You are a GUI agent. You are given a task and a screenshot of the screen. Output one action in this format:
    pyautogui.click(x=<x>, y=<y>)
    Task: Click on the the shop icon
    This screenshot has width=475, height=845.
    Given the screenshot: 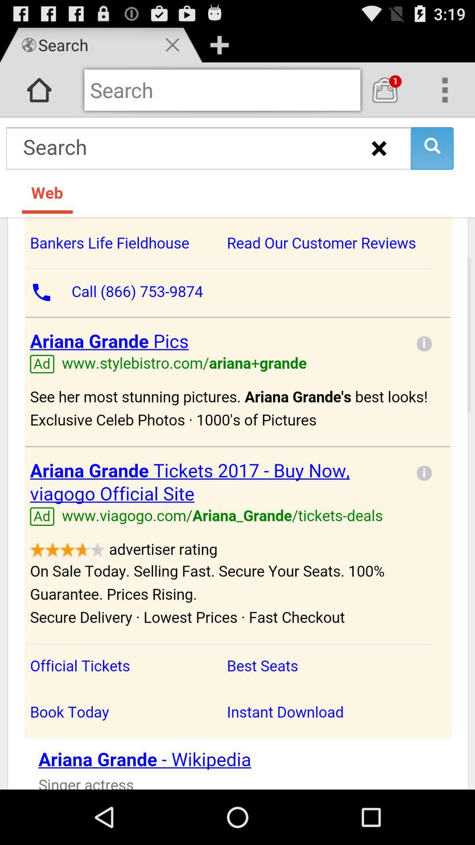 What is the action you would take?
    pyautogui.click(x=384, y=96)
    